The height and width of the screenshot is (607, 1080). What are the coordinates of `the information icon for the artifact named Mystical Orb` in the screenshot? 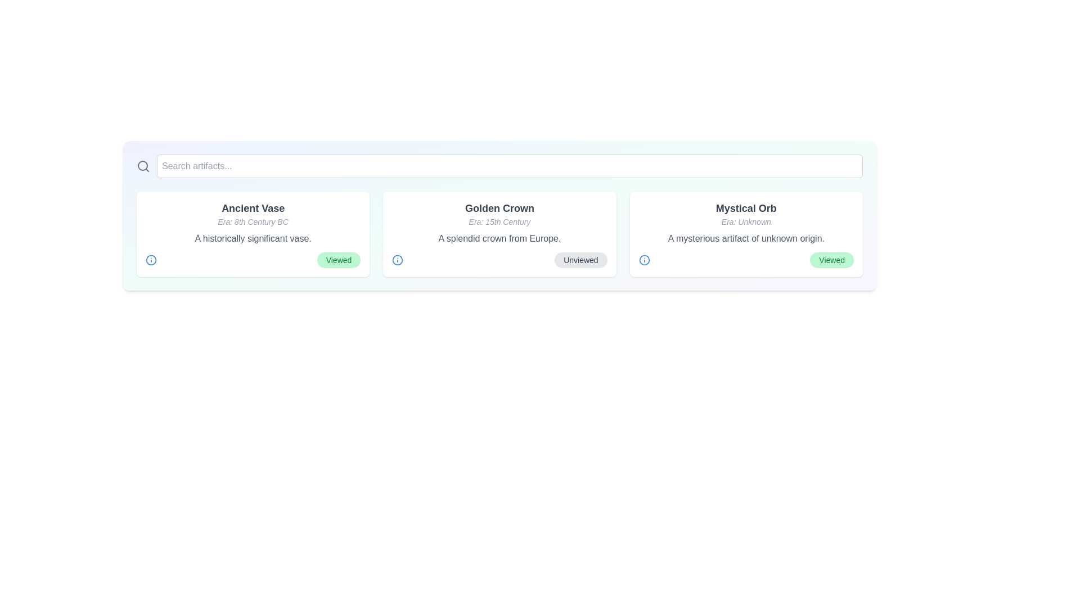 It's located at (644, 260).